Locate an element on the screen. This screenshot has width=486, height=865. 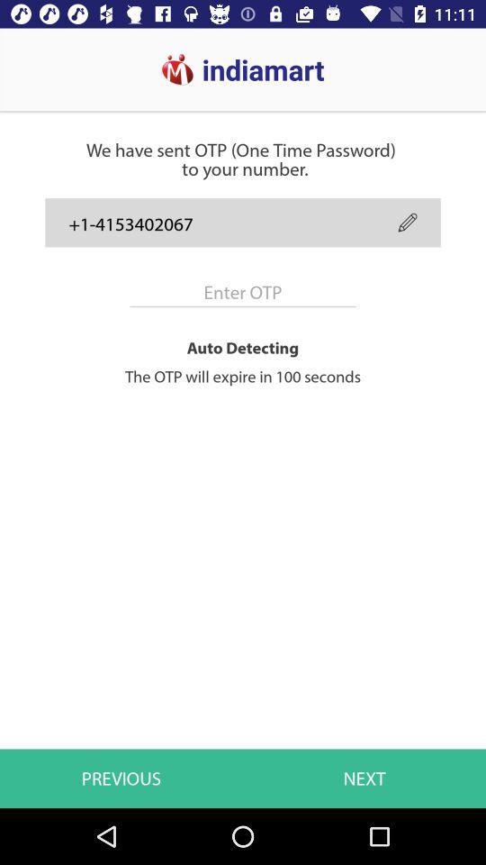
the icon next to next icon is located at coordinates (121, 778).